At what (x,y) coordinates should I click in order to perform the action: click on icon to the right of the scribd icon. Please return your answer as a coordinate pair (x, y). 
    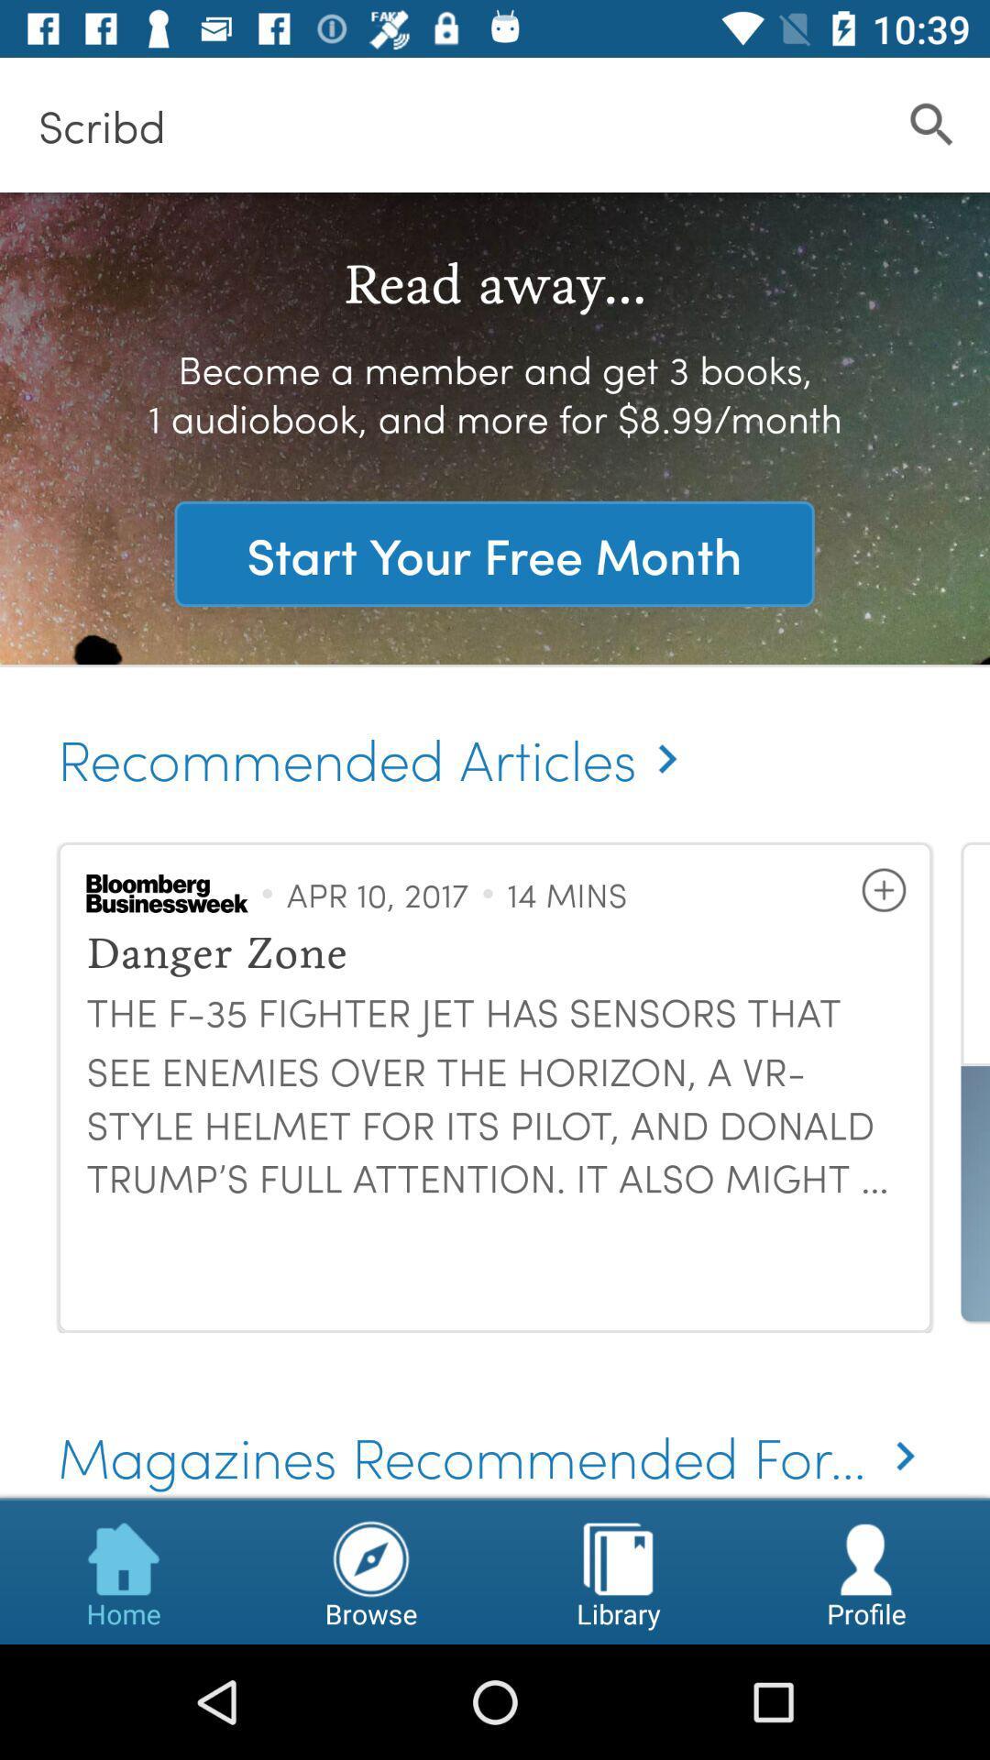
    Looking at the image, I should click on (932, 124).